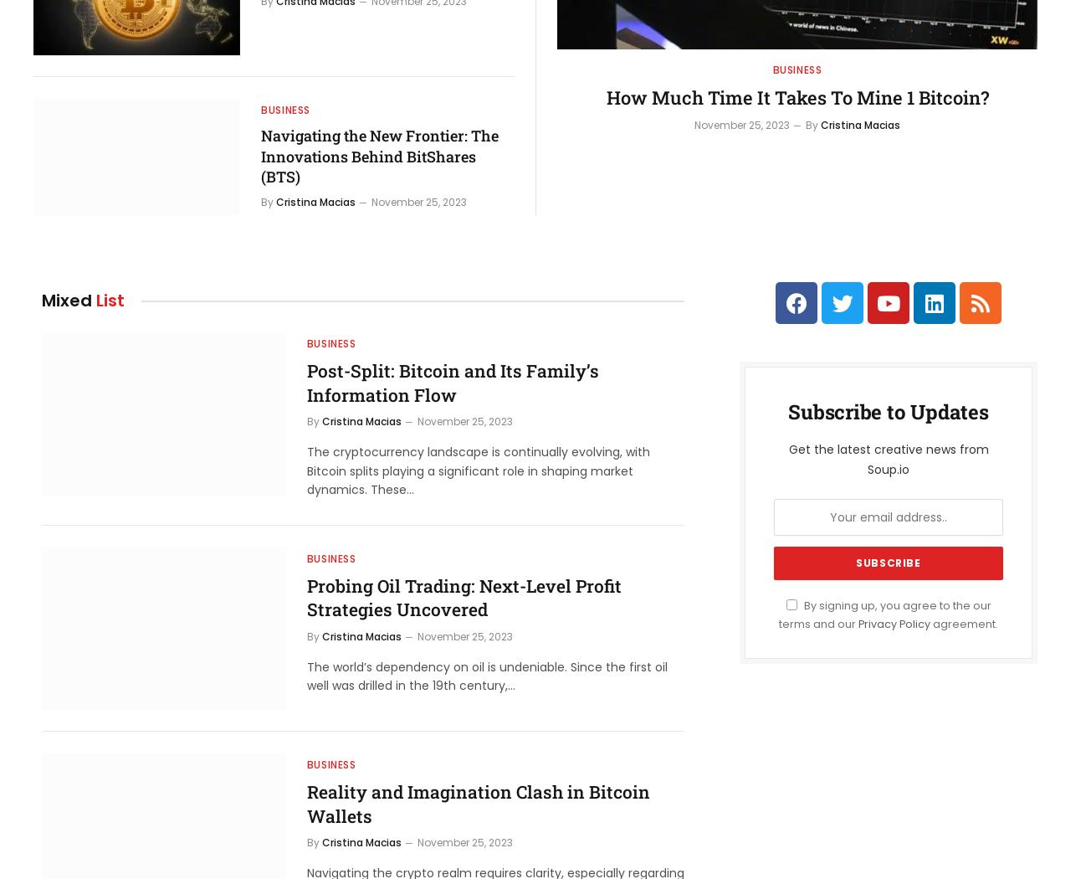  Describe the element at coordinates (894, 622) in the screenshot. I see `'Privacy Policy'` at that location.